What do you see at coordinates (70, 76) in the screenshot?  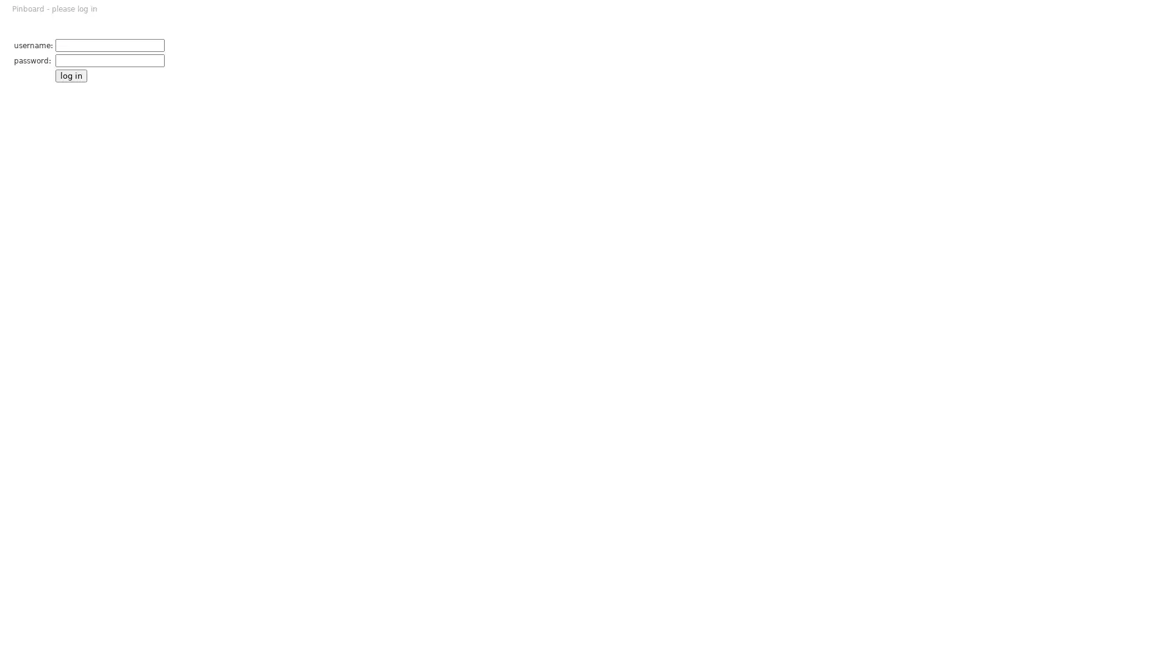 I see `log in` at bounding box center [70, 76].